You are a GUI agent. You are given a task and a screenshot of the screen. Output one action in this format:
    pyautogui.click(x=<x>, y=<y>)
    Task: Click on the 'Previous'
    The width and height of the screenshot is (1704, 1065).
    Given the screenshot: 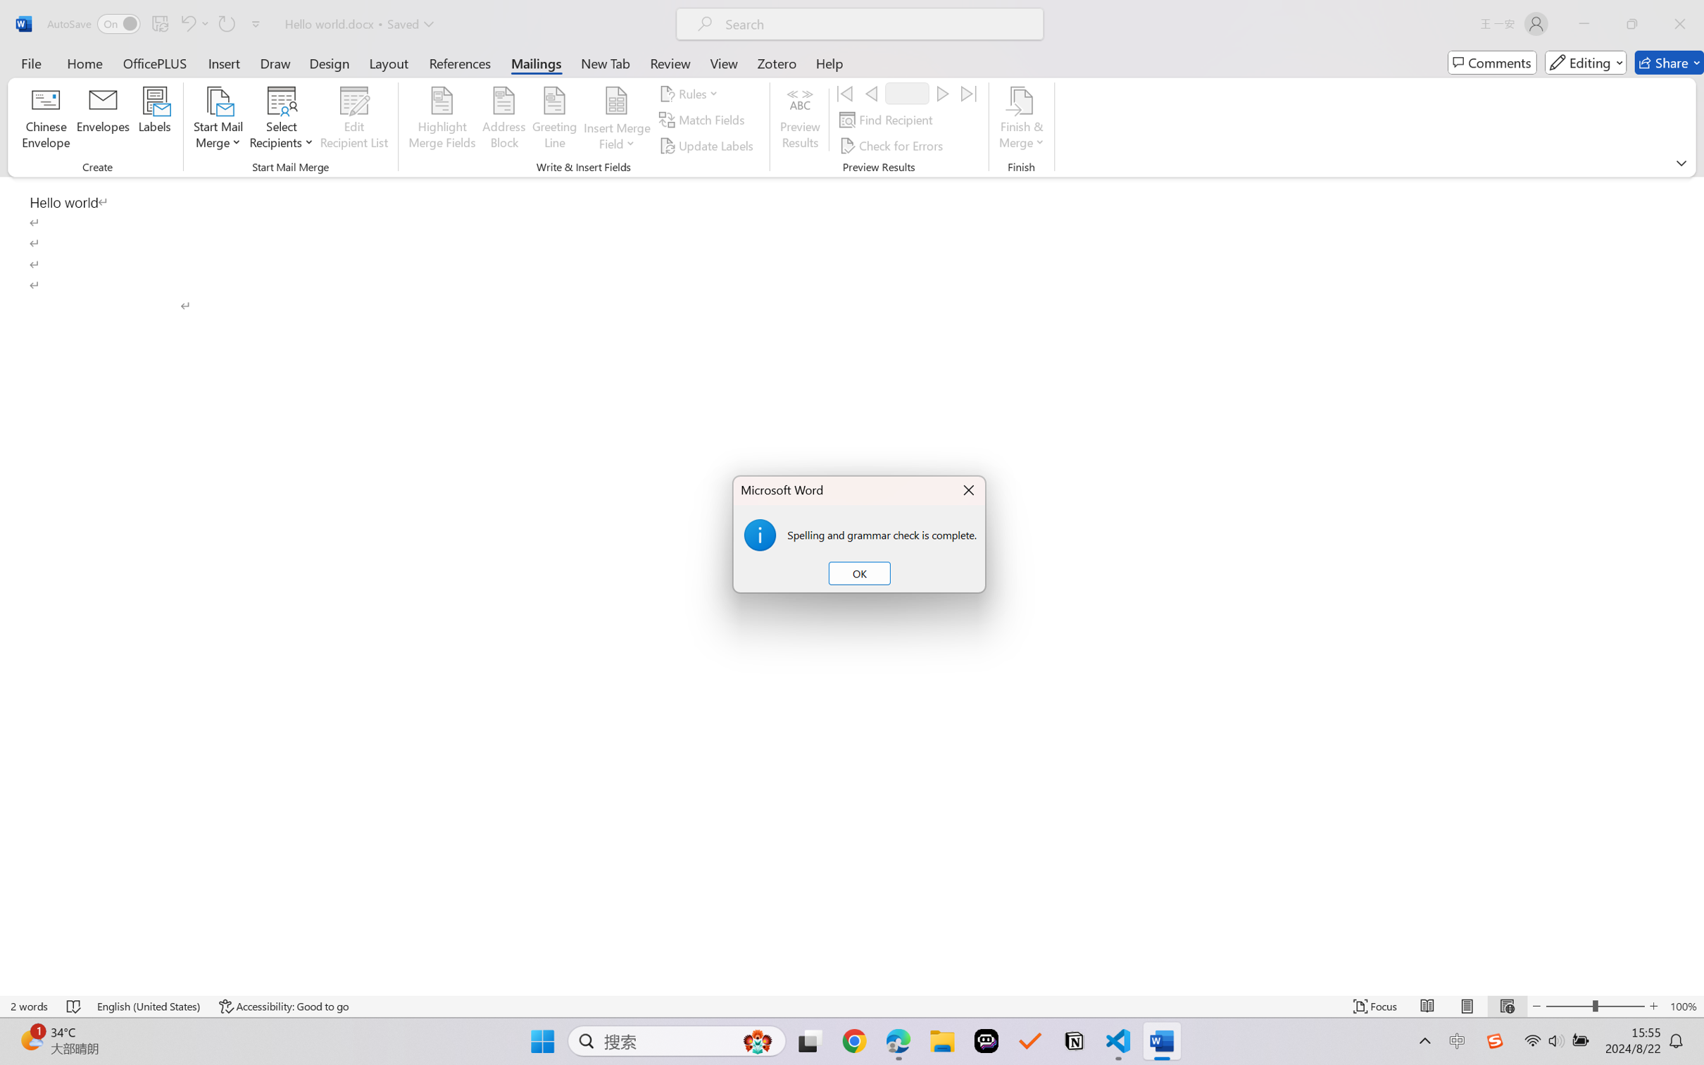 What is the action you would take?
    pyautogui.click(x=870, y=92)
    